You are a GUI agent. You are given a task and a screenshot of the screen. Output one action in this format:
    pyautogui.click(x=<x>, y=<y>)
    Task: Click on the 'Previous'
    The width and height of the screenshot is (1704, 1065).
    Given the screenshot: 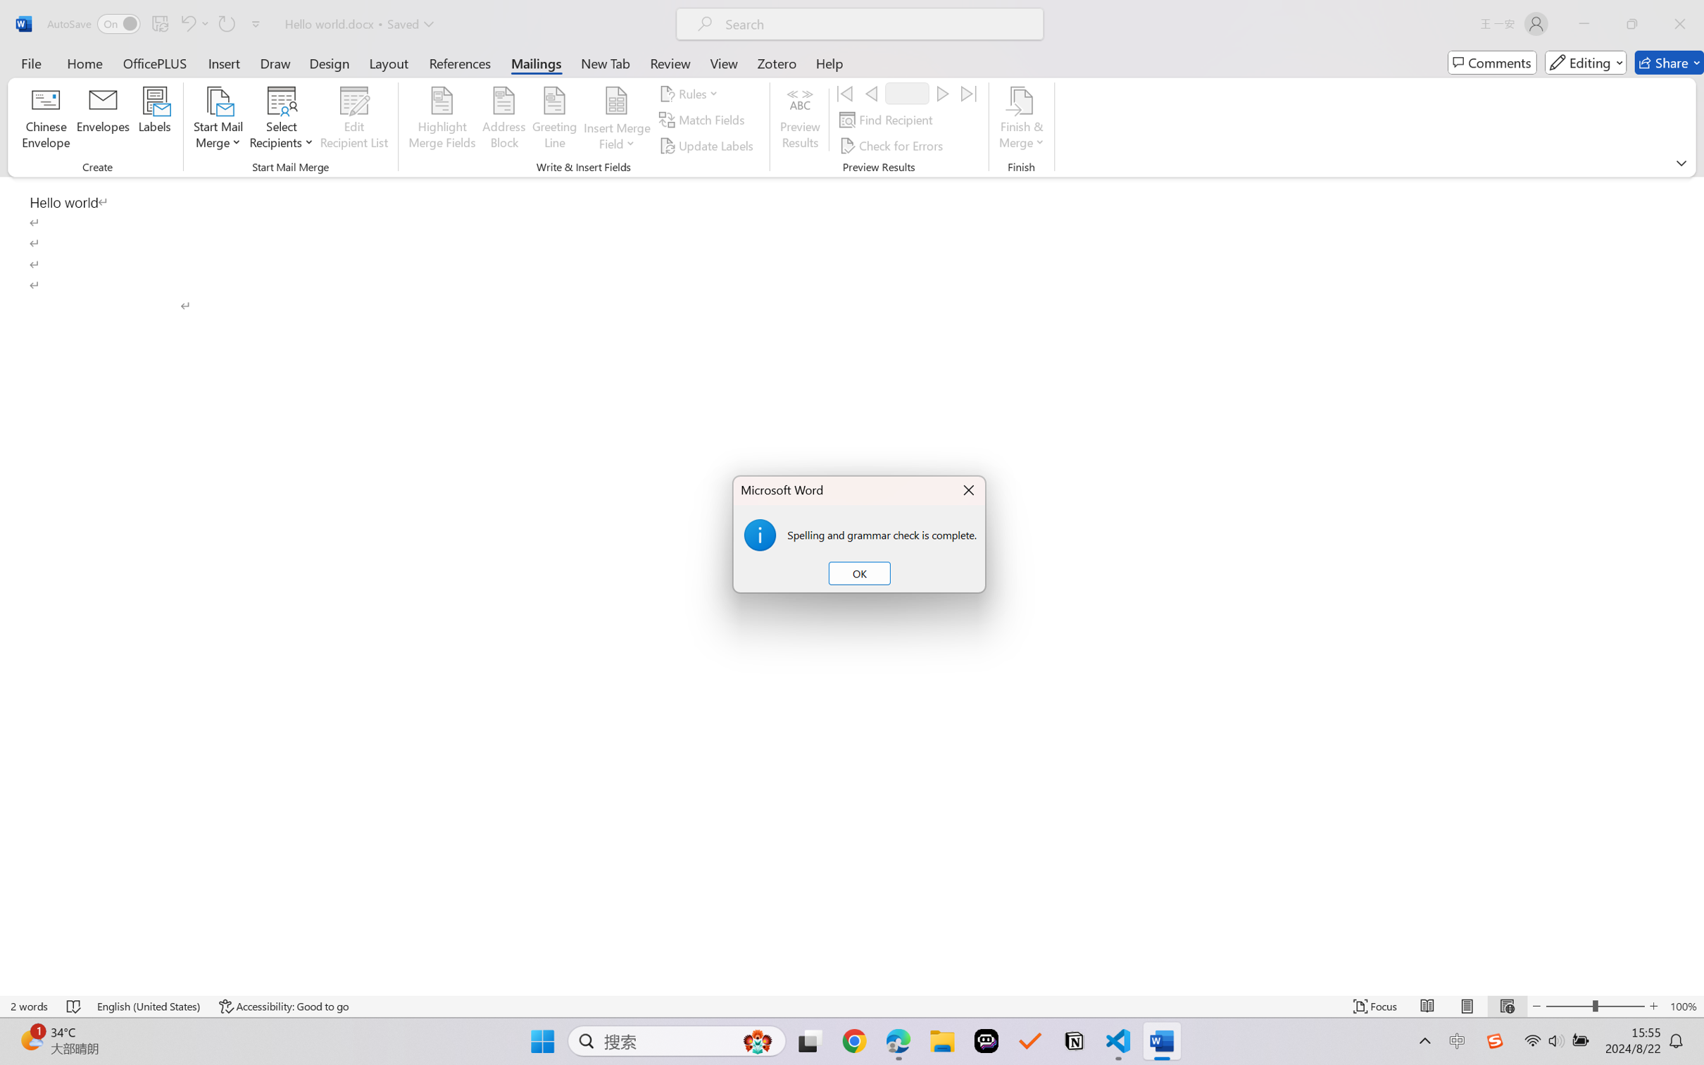 What is the action you would take?
    pyautogui.click(x=870, y=92)
    